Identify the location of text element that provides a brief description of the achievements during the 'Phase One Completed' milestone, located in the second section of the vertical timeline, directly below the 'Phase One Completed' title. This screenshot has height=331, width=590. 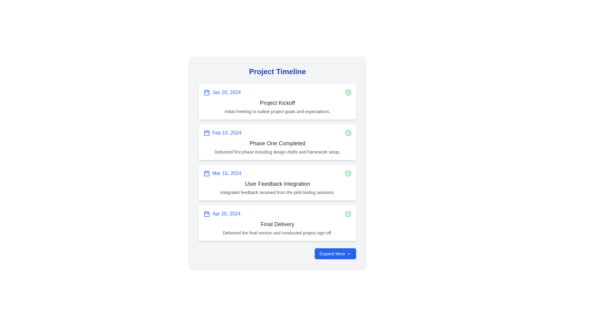
(277, 152).